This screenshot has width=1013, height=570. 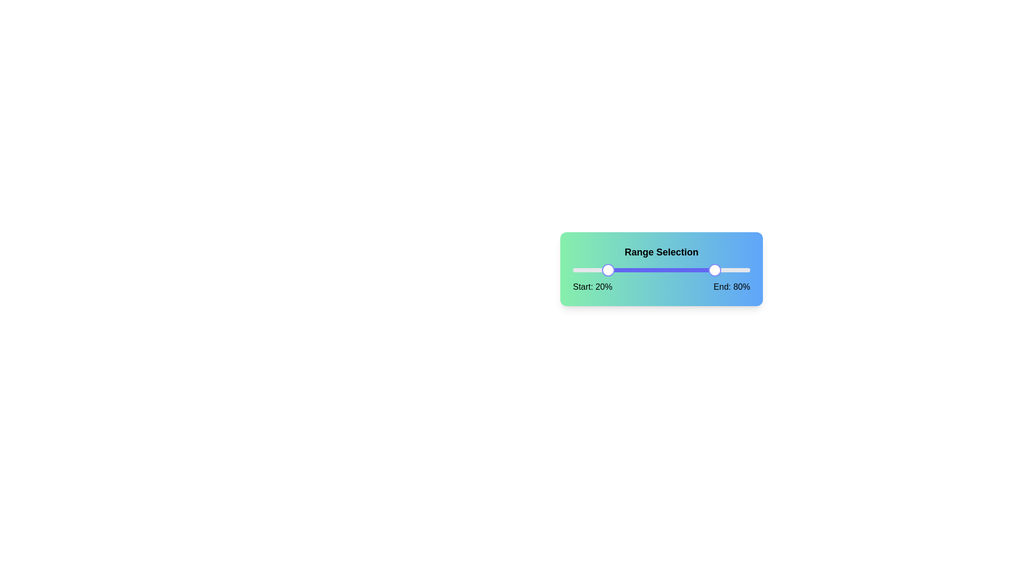 What do you see at coordinates (711, 270) in the screenshot?
I see `the end value of the range slider` at bounding box center [711, 270].